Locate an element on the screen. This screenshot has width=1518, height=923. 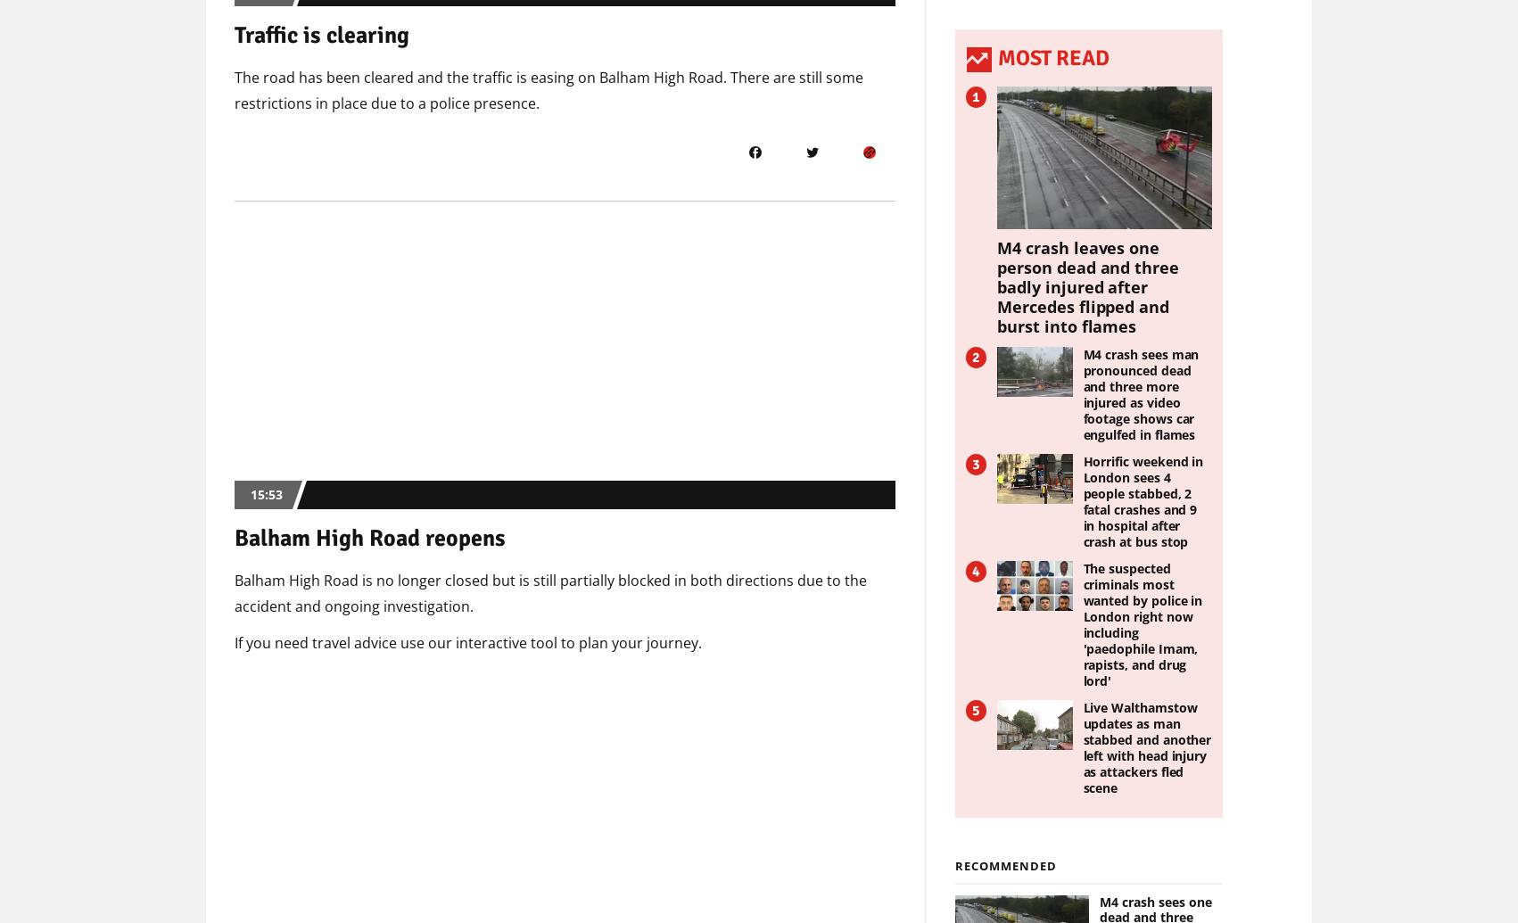
'4' is located at coordinates (969, 570).